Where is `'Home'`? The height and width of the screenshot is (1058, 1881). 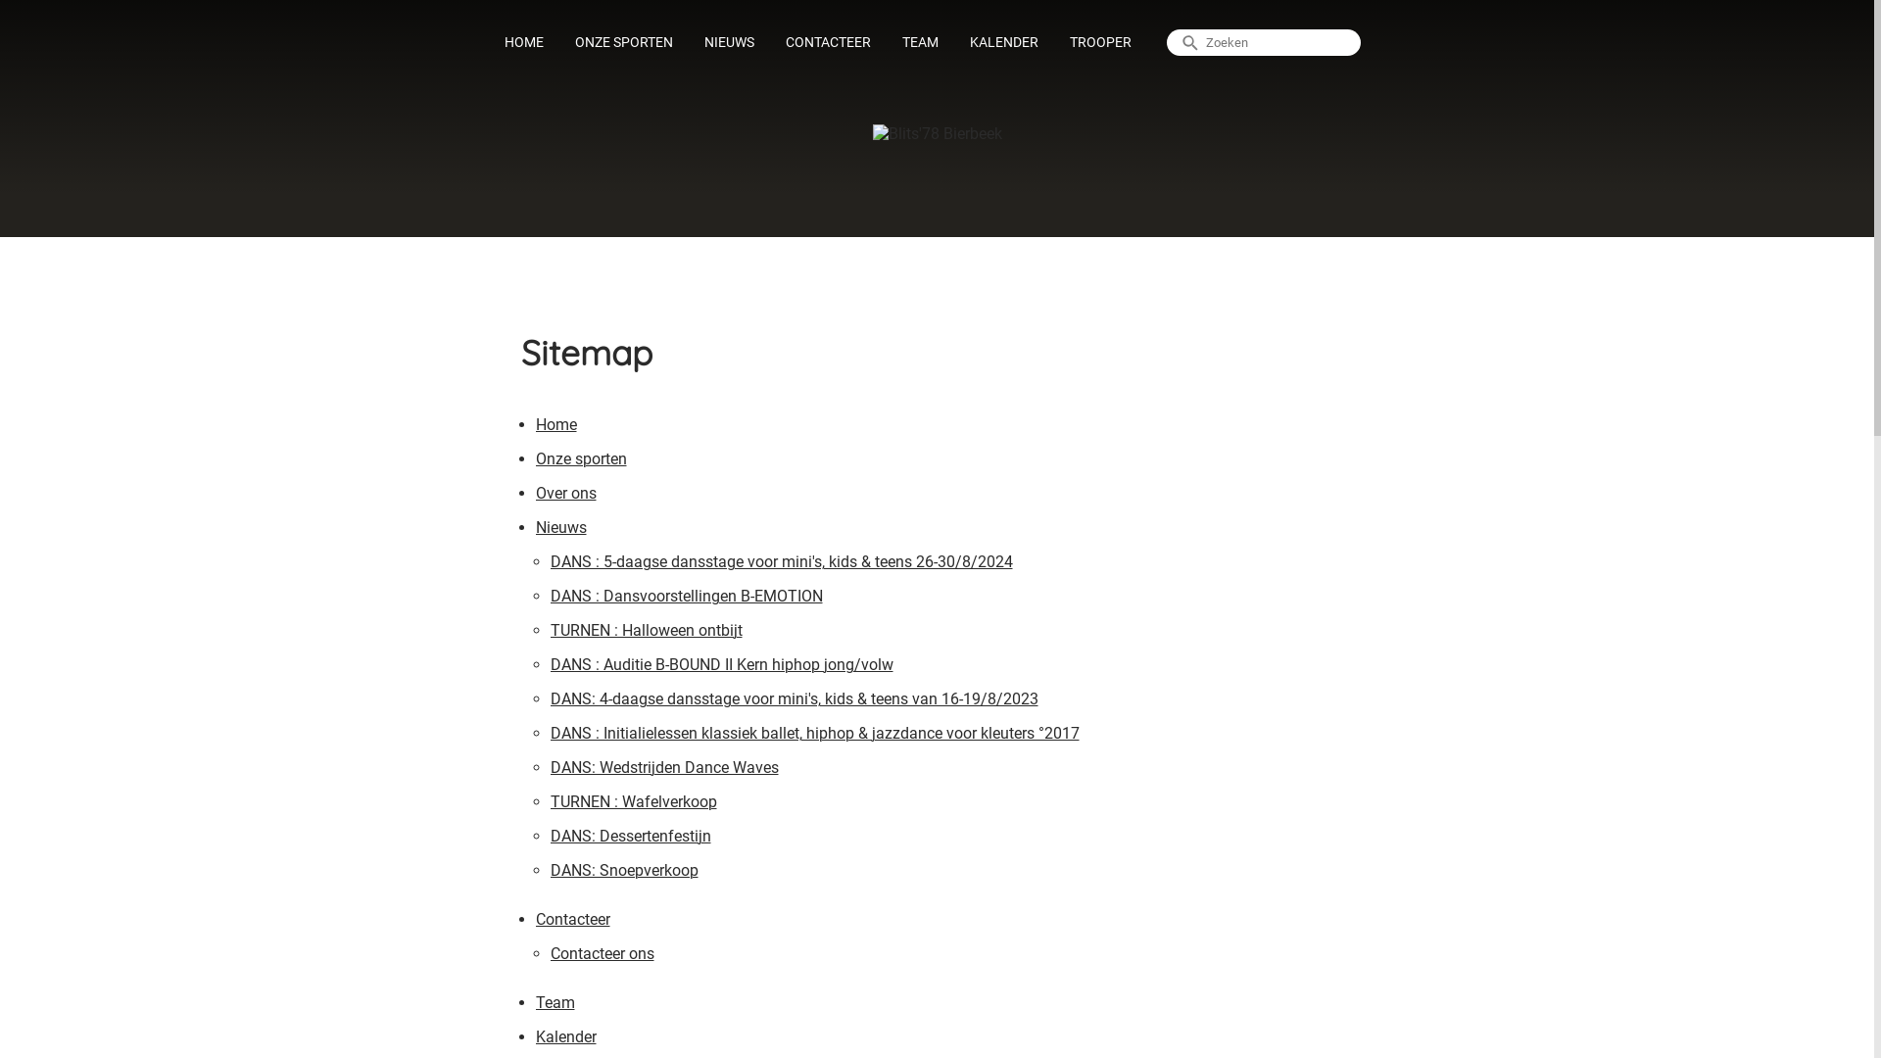
'Home' is located at coordinates (554, 426).